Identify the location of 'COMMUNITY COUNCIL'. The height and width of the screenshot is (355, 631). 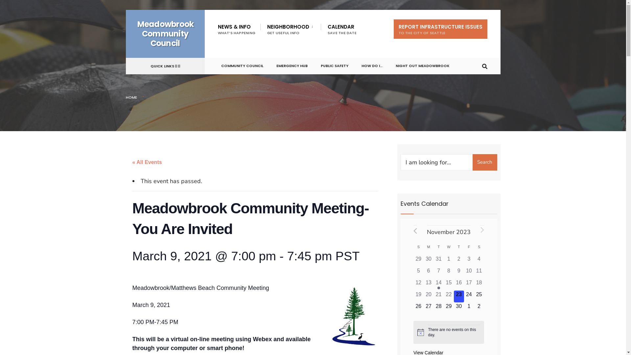
(241, 64).